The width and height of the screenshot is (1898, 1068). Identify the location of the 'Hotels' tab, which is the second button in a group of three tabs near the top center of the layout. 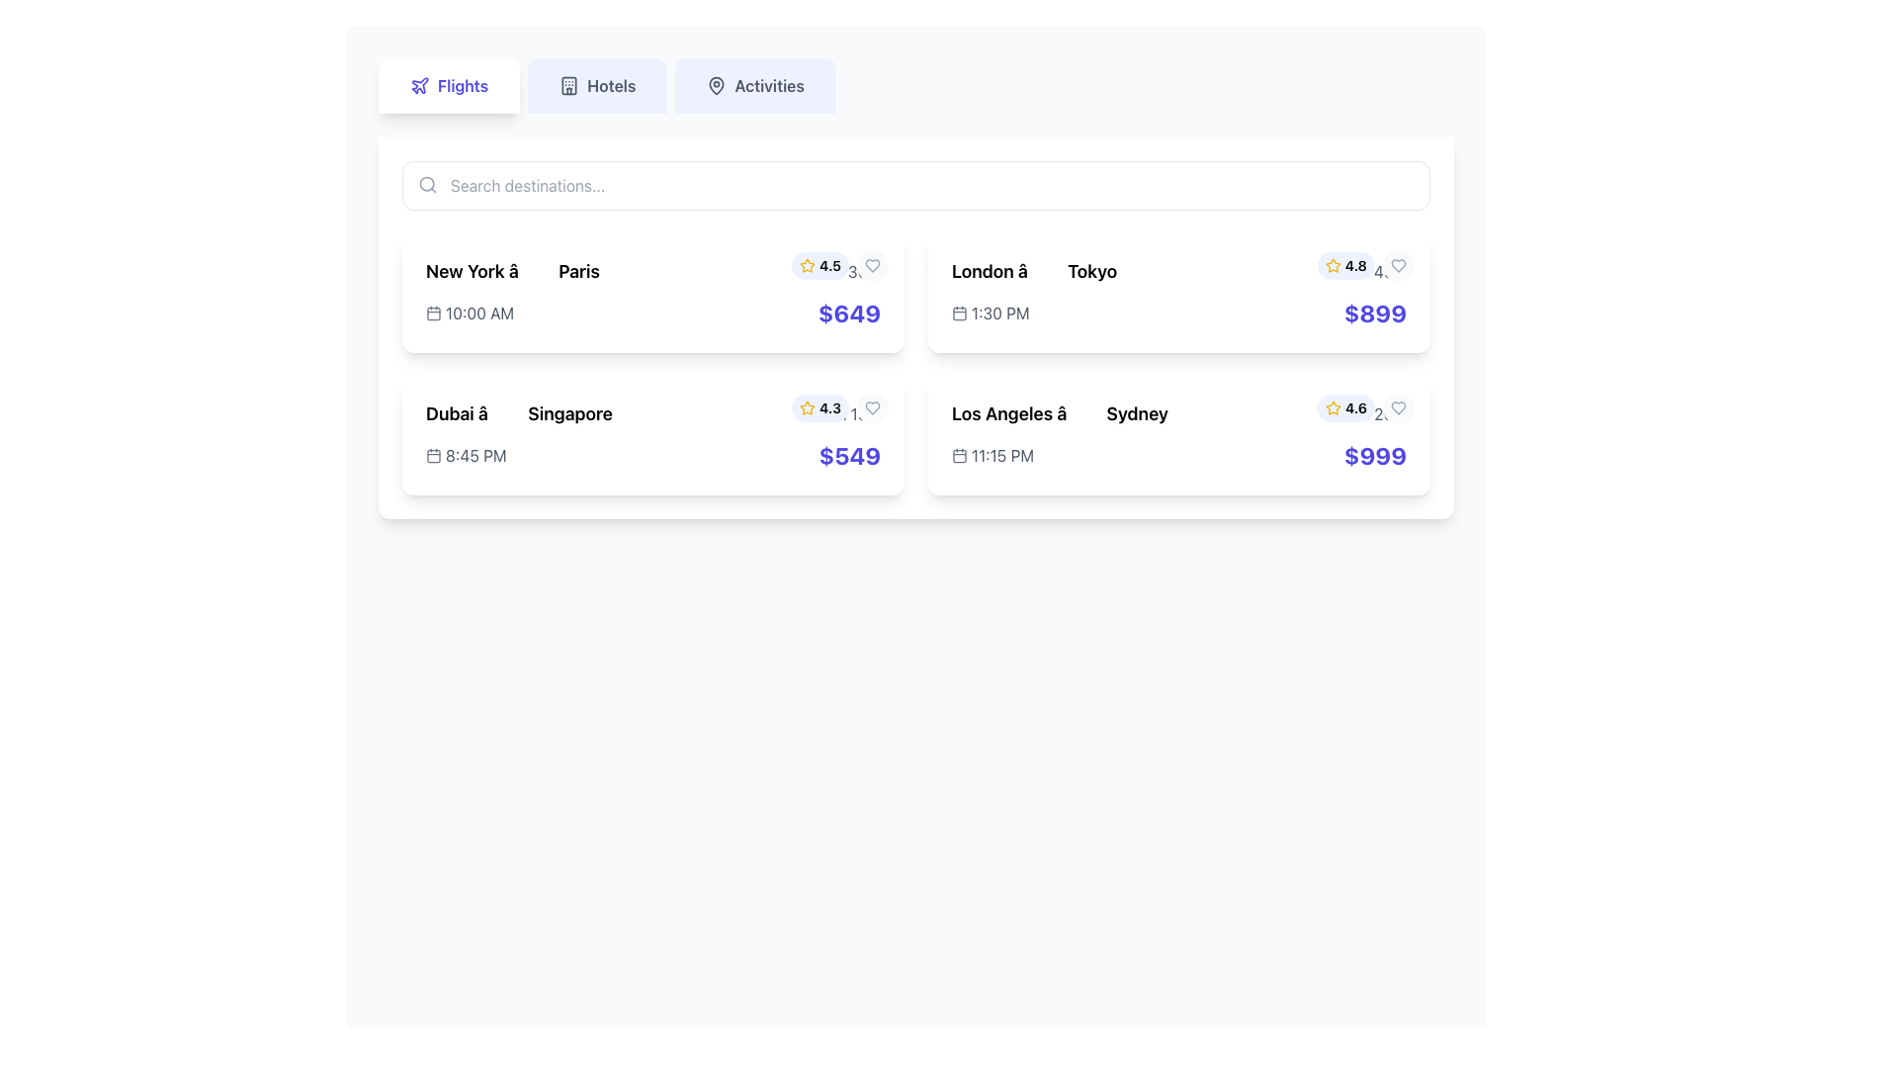
(596, 85).